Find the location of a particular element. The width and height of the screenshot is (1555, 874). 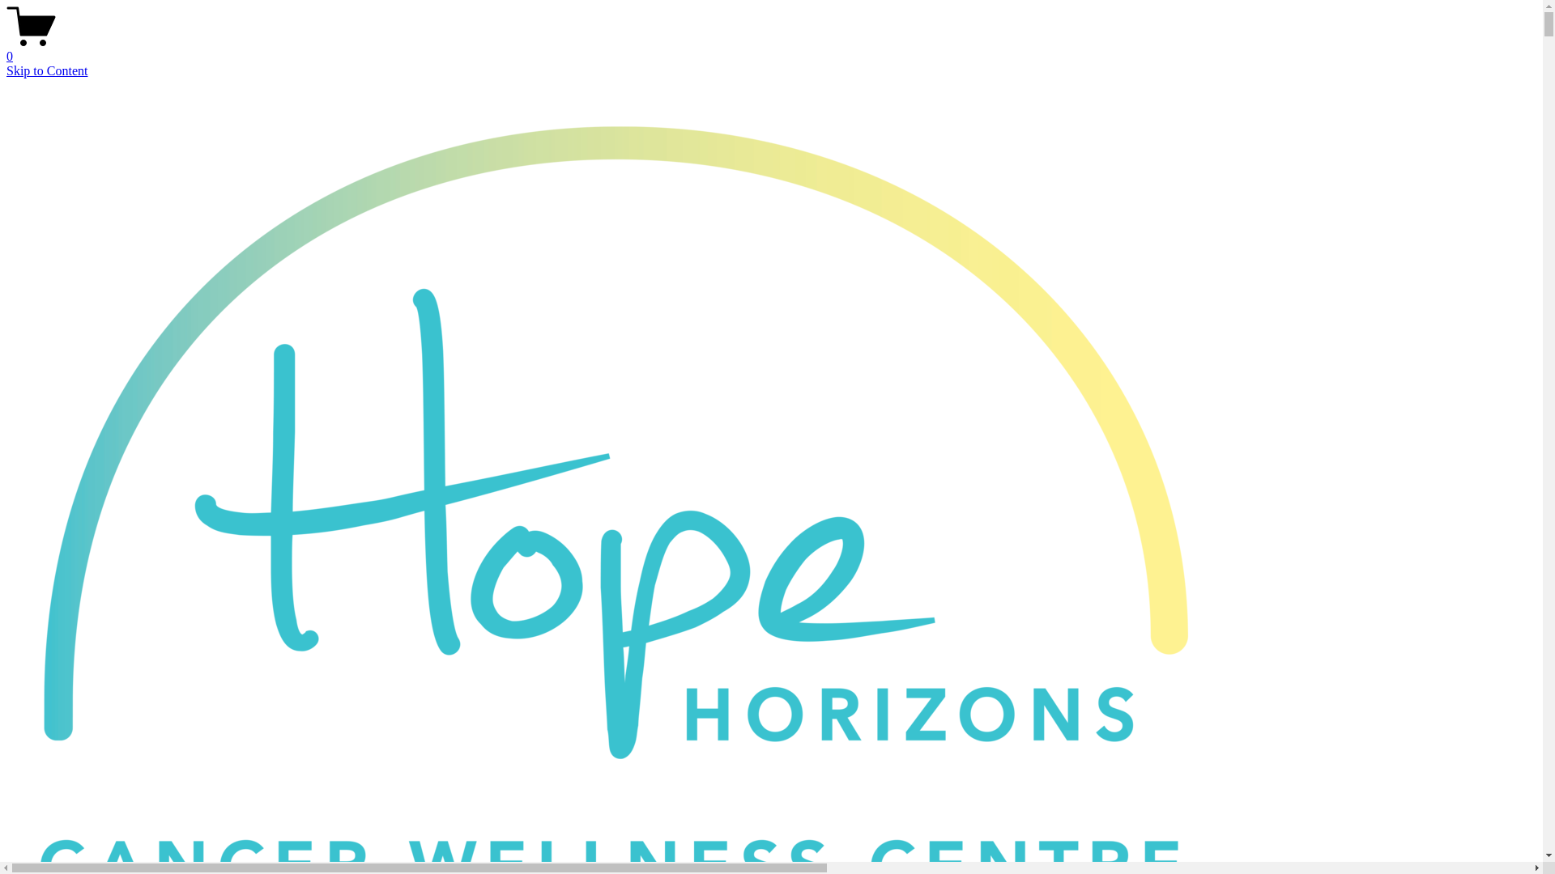

'Skip to Content' is located at coordinates (6, 70).